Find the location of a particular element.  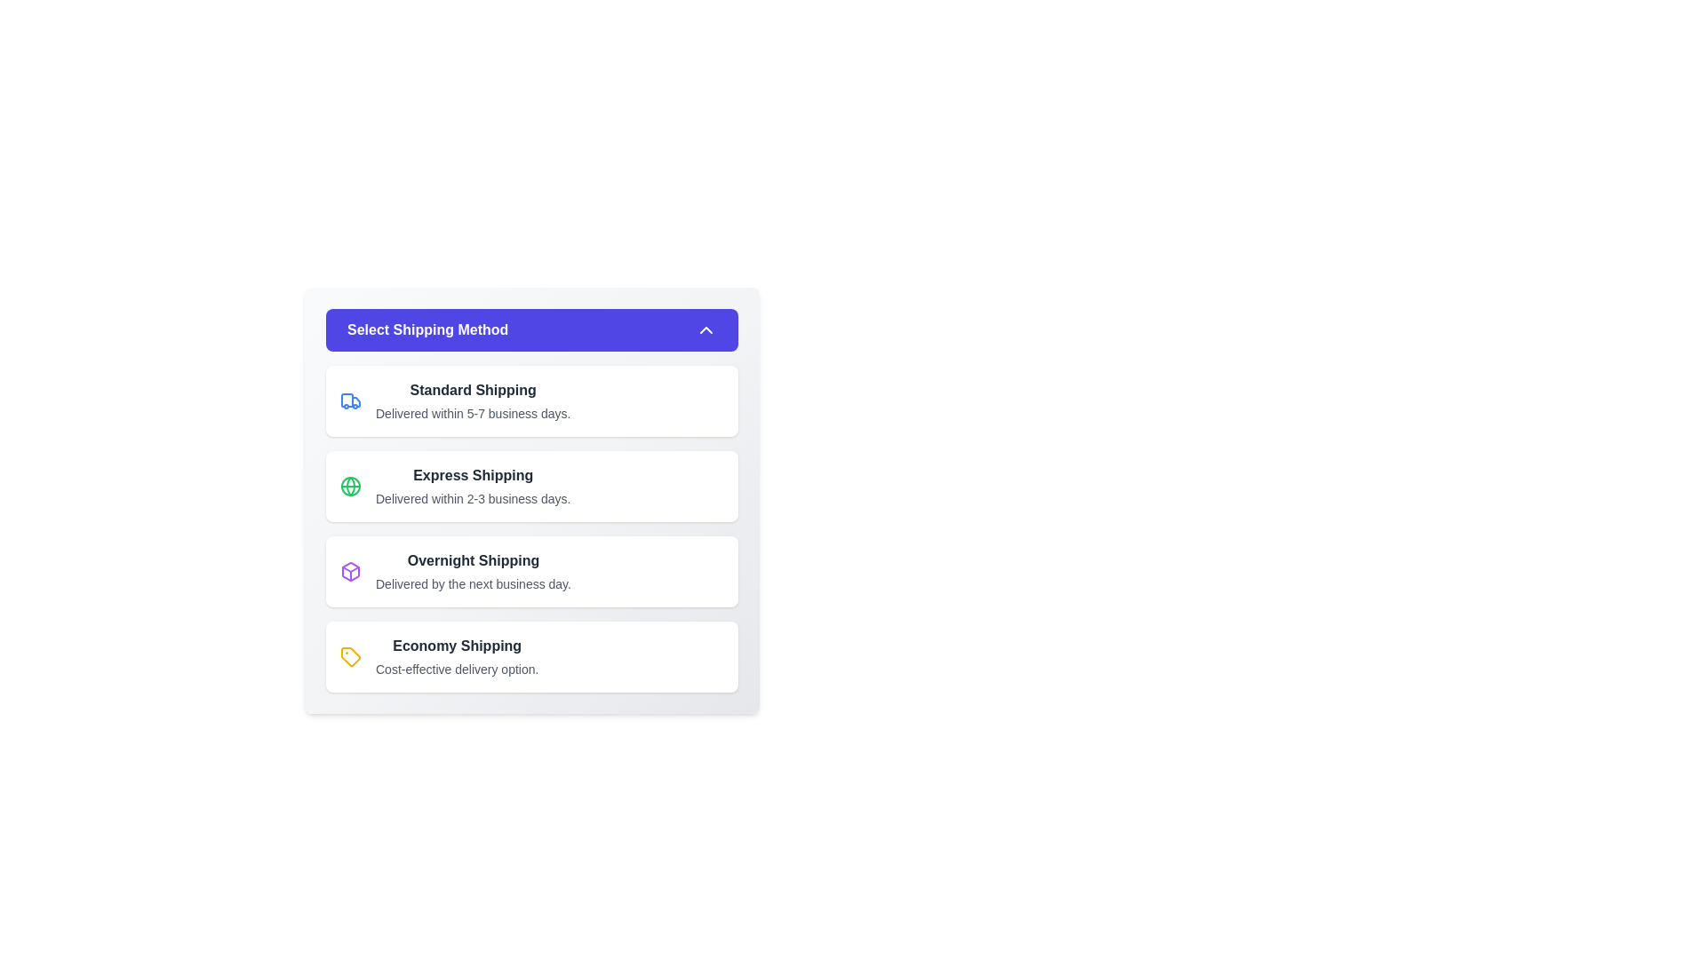

the chevron-shaped icon pointing upwards located at the top-right corner of the blue section labeled 'Select Shipping Method' is located at coordinates (706, 329).